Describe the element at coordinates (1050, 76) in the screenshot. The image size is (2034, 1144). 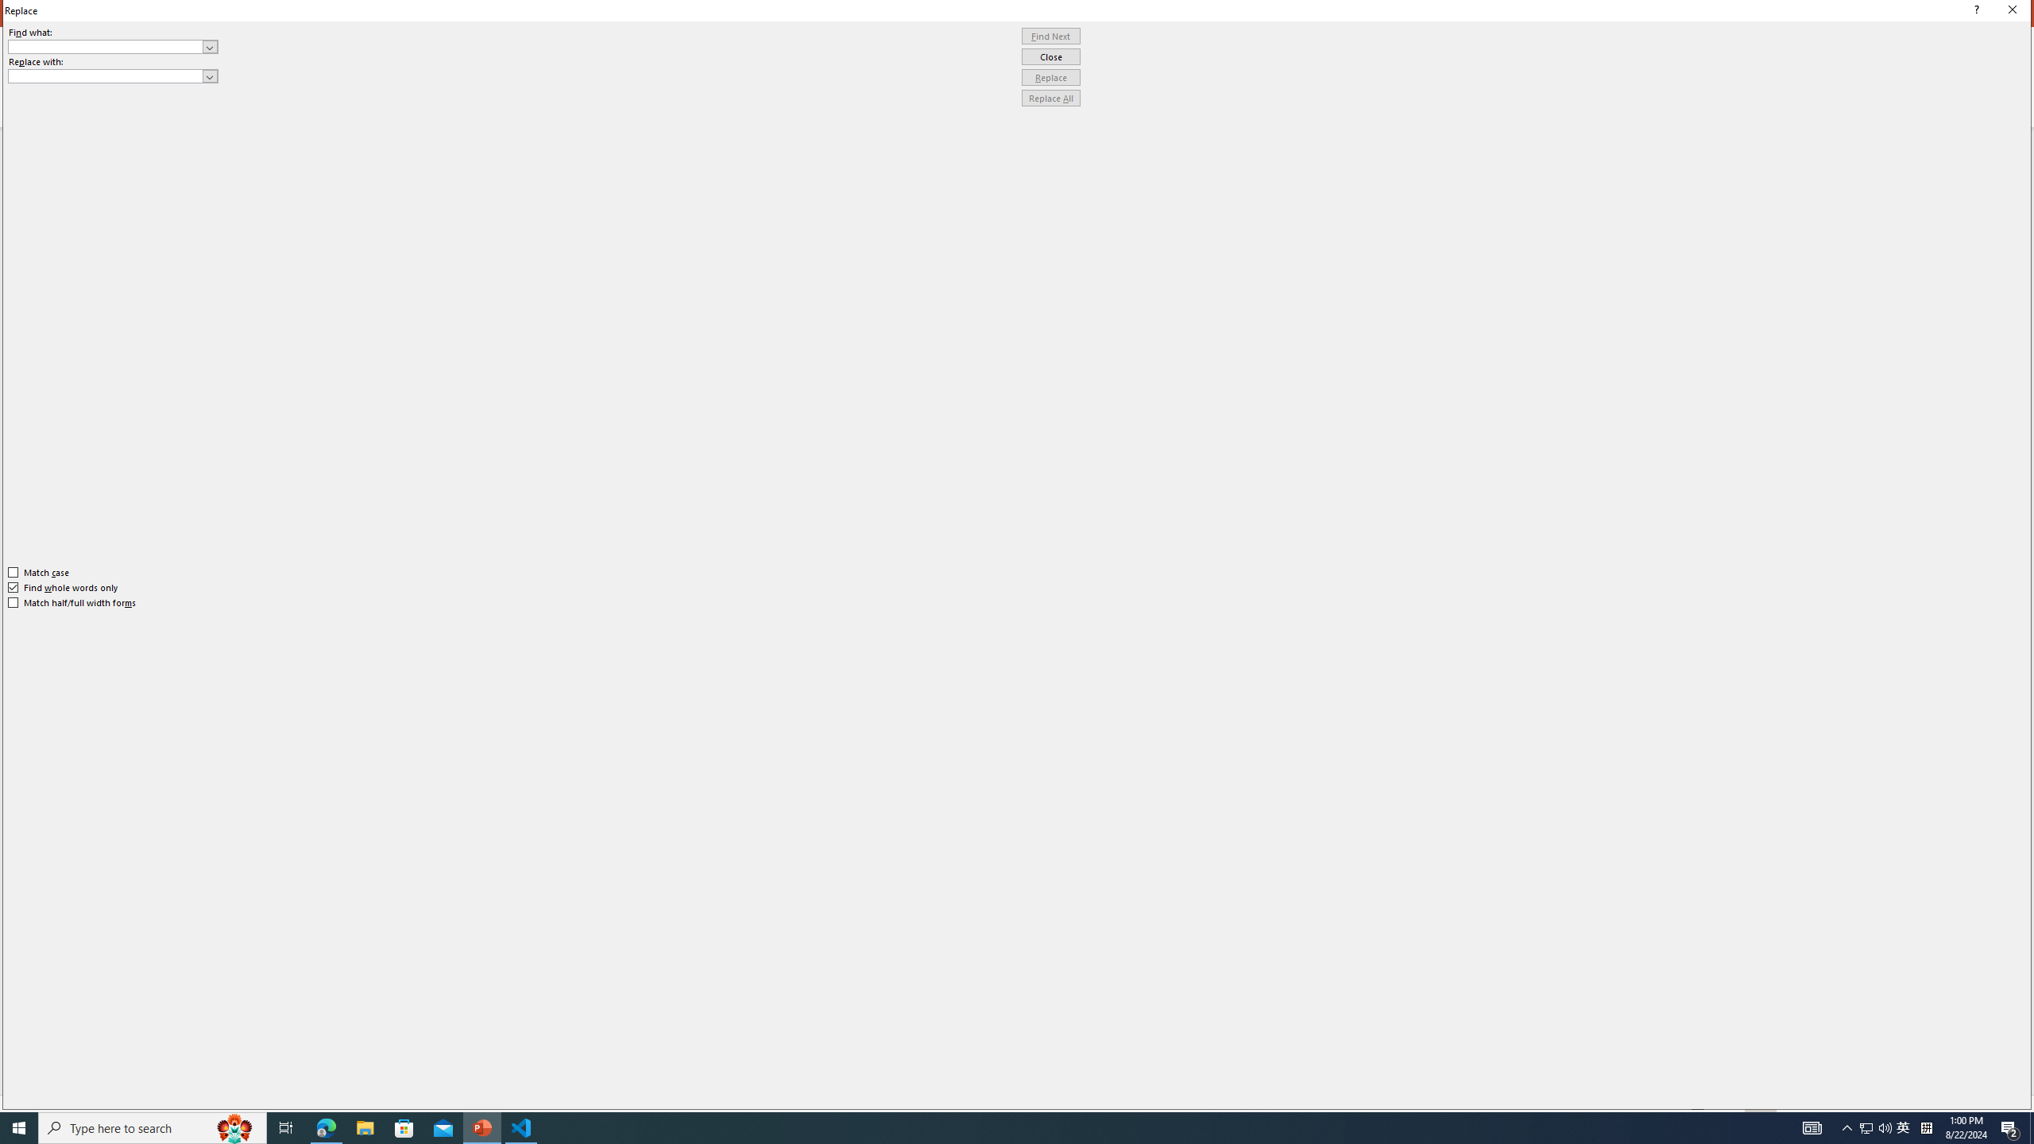
I see `'Replace'` at that location.